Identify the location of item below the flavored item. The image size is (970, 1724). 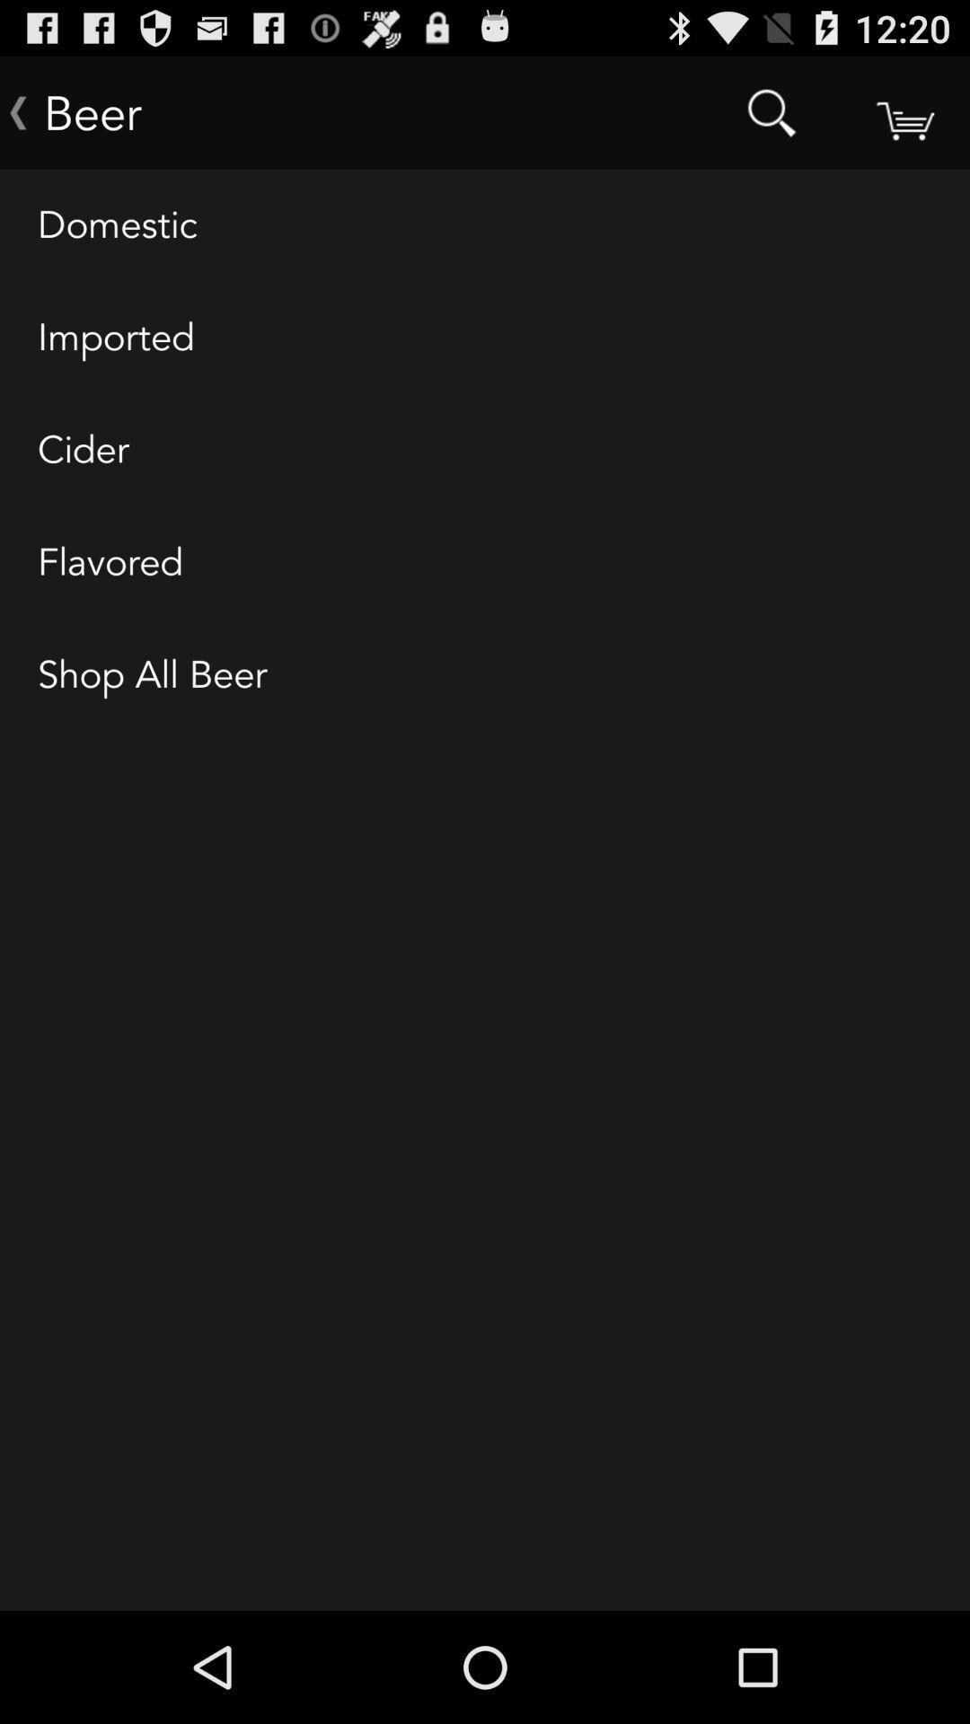
(485, 675).